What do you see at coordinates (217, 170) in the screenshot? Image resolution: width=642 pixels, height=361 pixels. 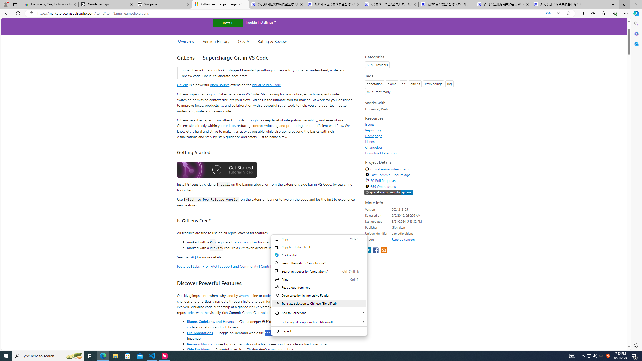 I see `'Watch the GitLens Getting Started video'` at bounding box center [217, 170].